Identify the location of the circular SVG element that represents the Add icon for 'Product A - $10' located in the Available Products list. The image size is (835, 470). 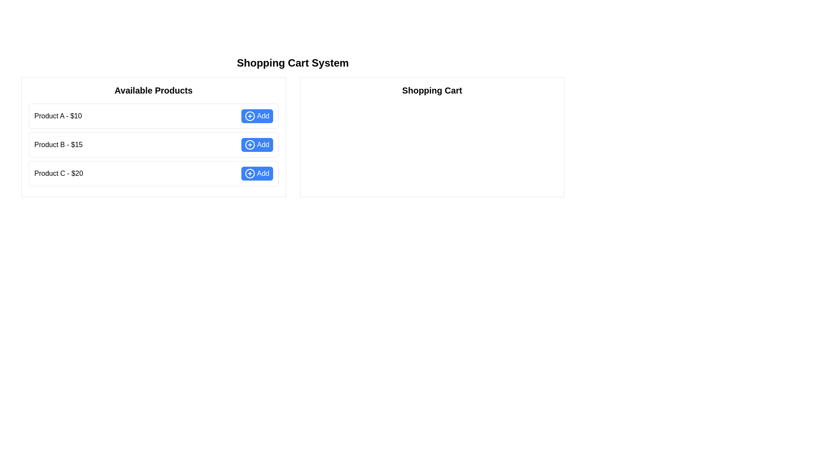
(250, 115).